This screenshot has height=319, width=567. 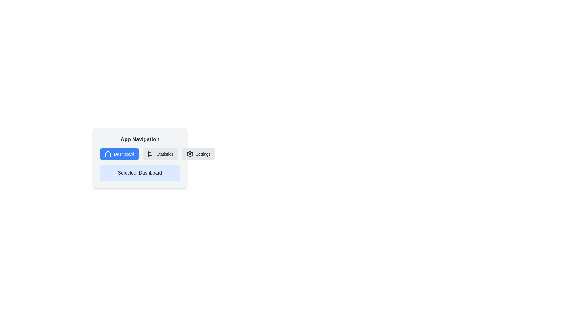 What do you see at coordinates (124, 154) in the screenshot?
I see `the 'Dashboard' text label within the button` at bounding box center [124, 154].